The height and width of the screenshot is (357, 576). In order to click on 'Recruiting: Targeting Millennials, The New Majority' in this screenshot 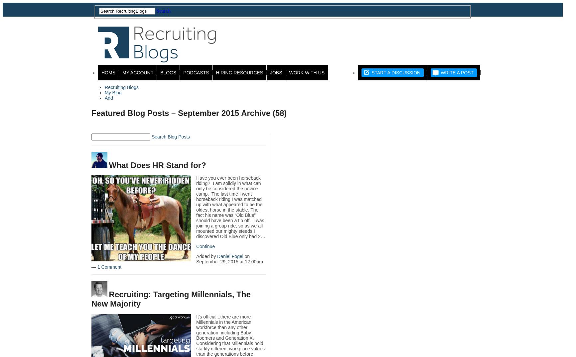, I will do `click(171, 299)`.